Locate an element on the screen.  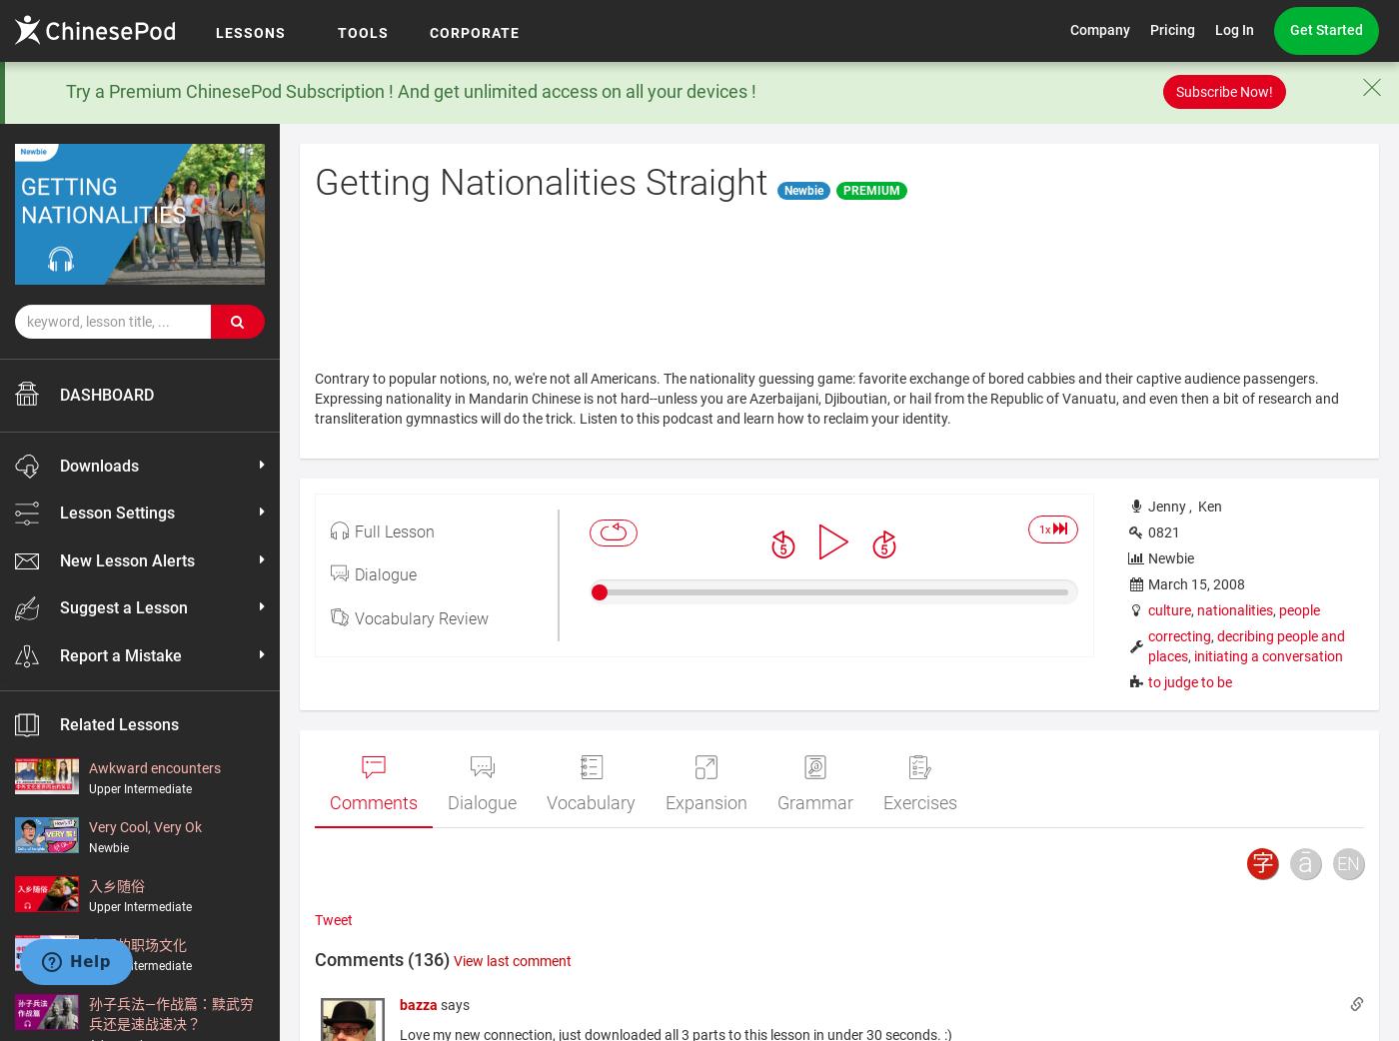
'Subscribe Now!' is located at coordinates (1224, 92).